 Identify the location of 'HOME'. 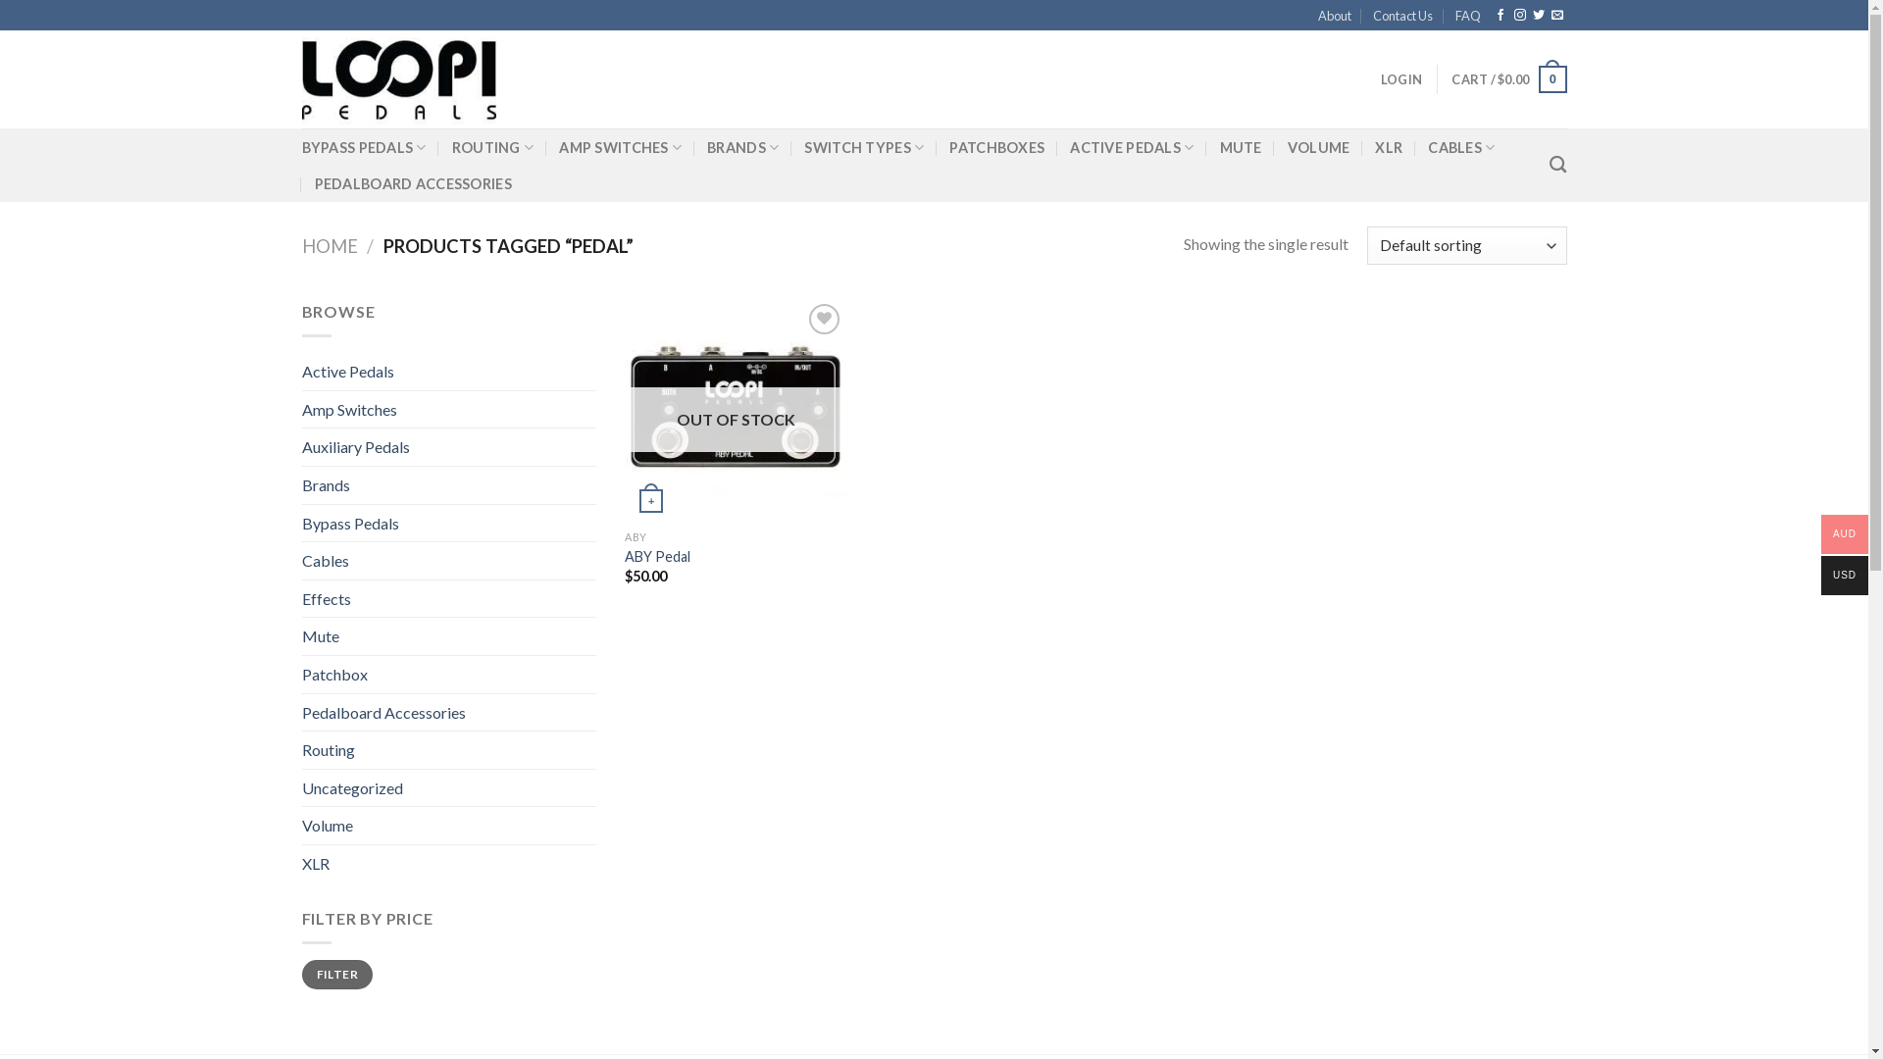
(300, 244).